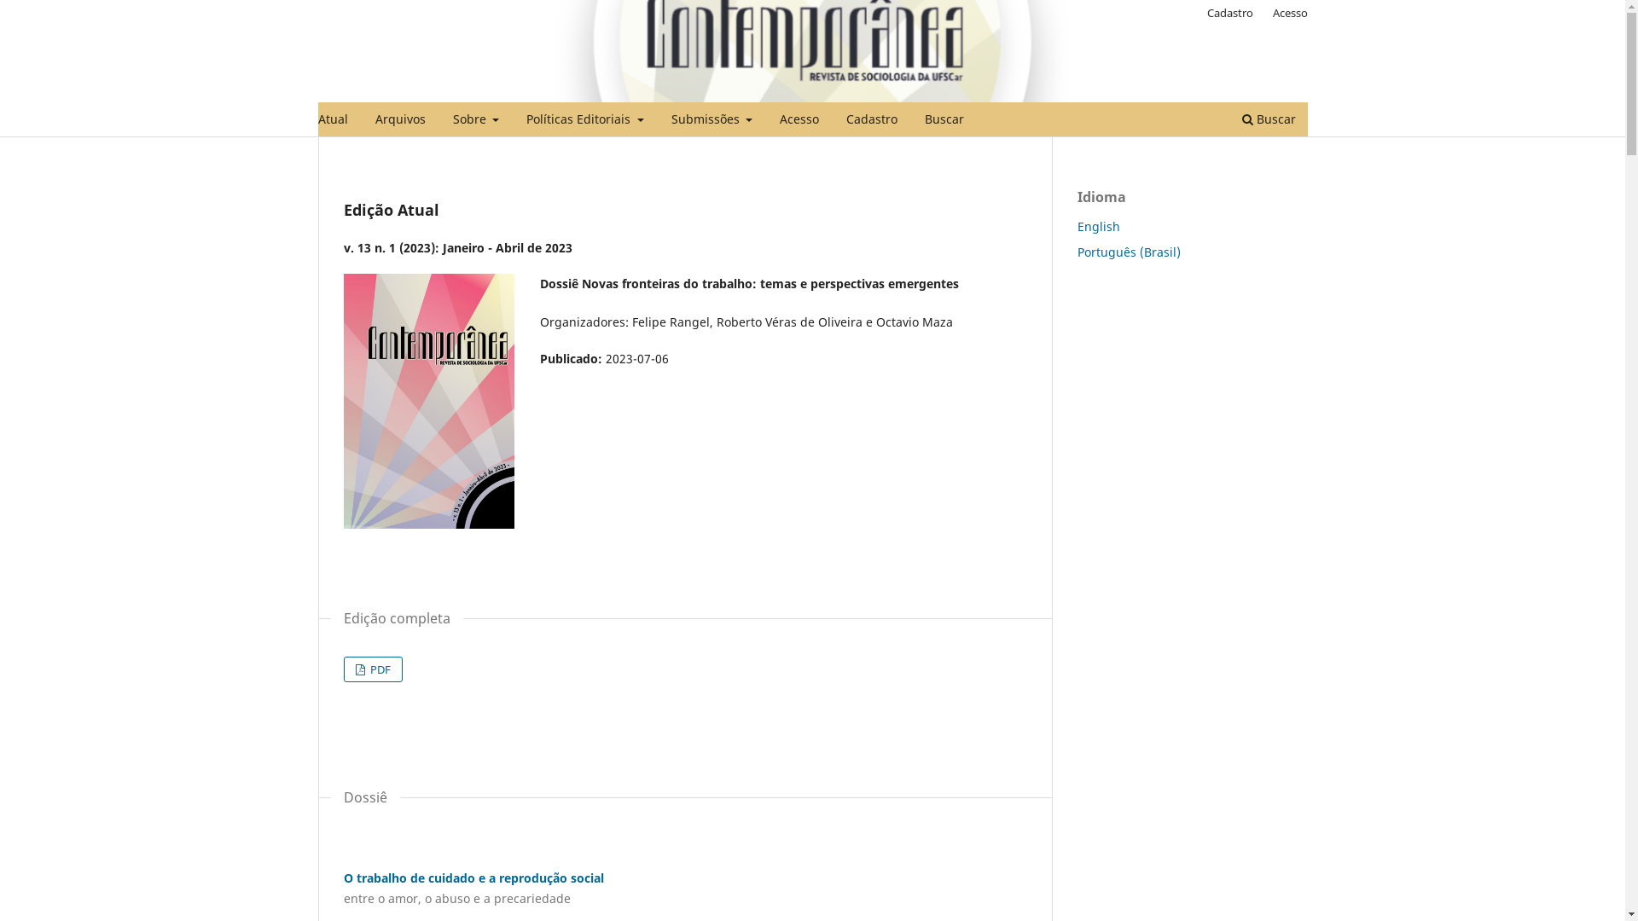 This screenshot has height=921, width=1638. Describe the element at coordinates (371, 669) in the screenshot. I see `'PDF'` at that location.